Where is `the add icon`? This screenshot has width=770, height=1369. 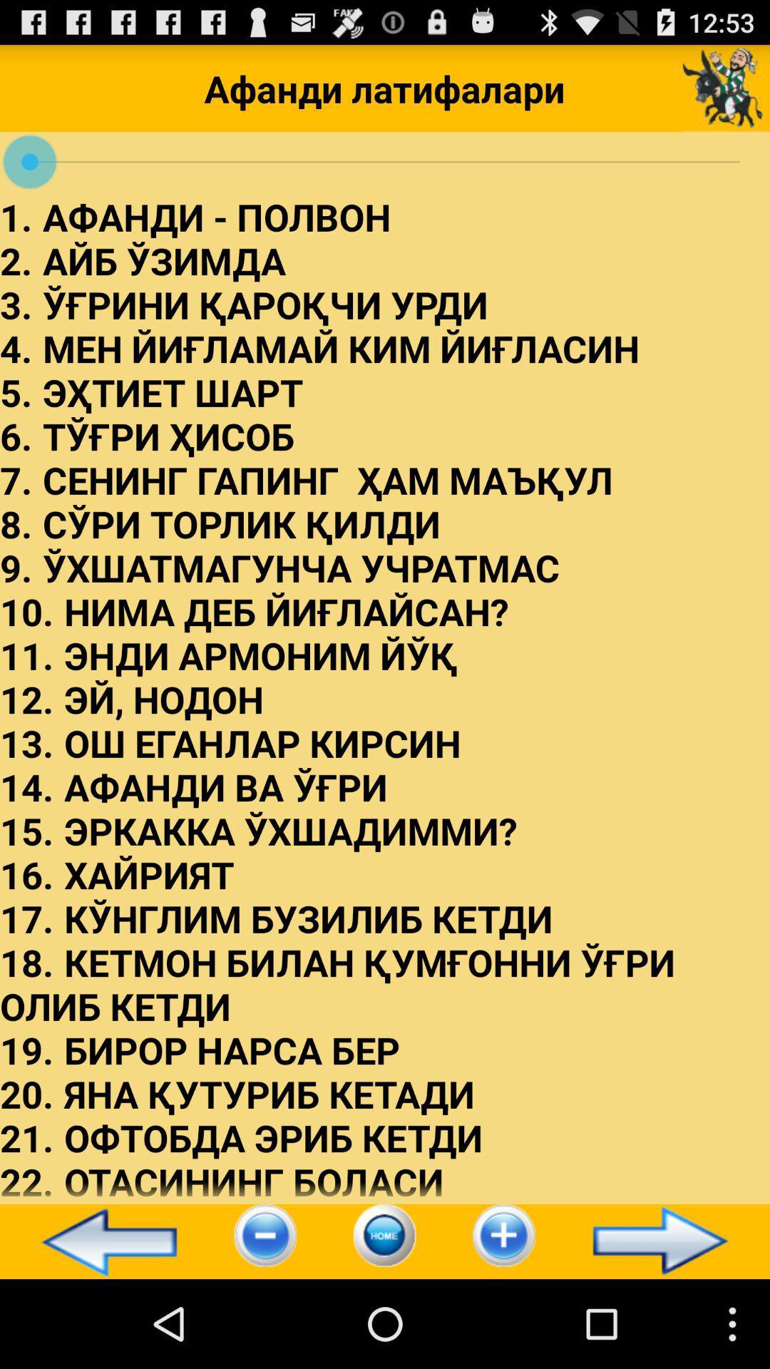
the add icon is located at coordinates (503, 1321).